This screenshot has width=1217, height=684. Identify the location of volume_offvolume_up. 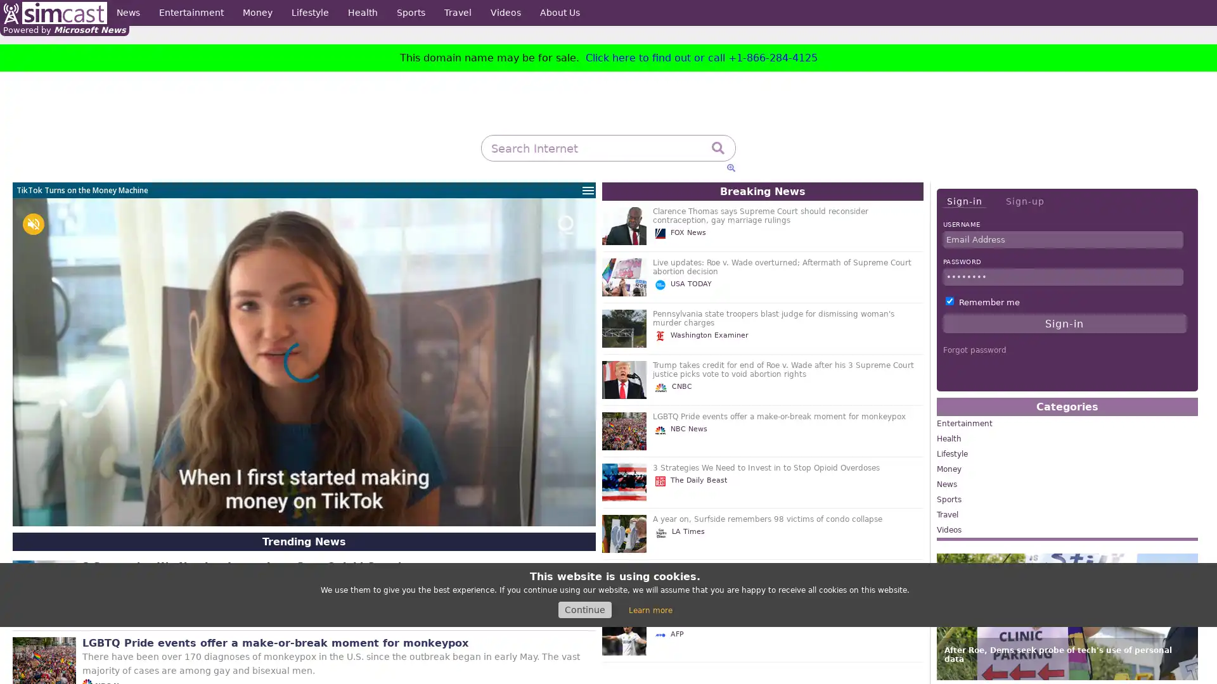
(33, 224).